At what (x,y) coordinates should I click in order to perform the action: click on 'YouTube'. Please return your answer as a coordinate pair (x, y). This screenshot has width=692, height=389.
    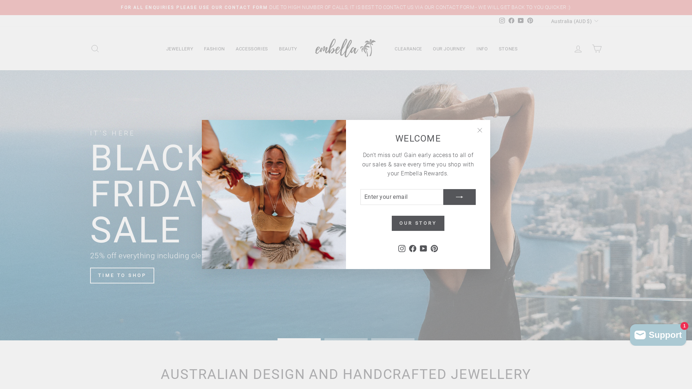
    Looking at the image, I should click on (520, 21).